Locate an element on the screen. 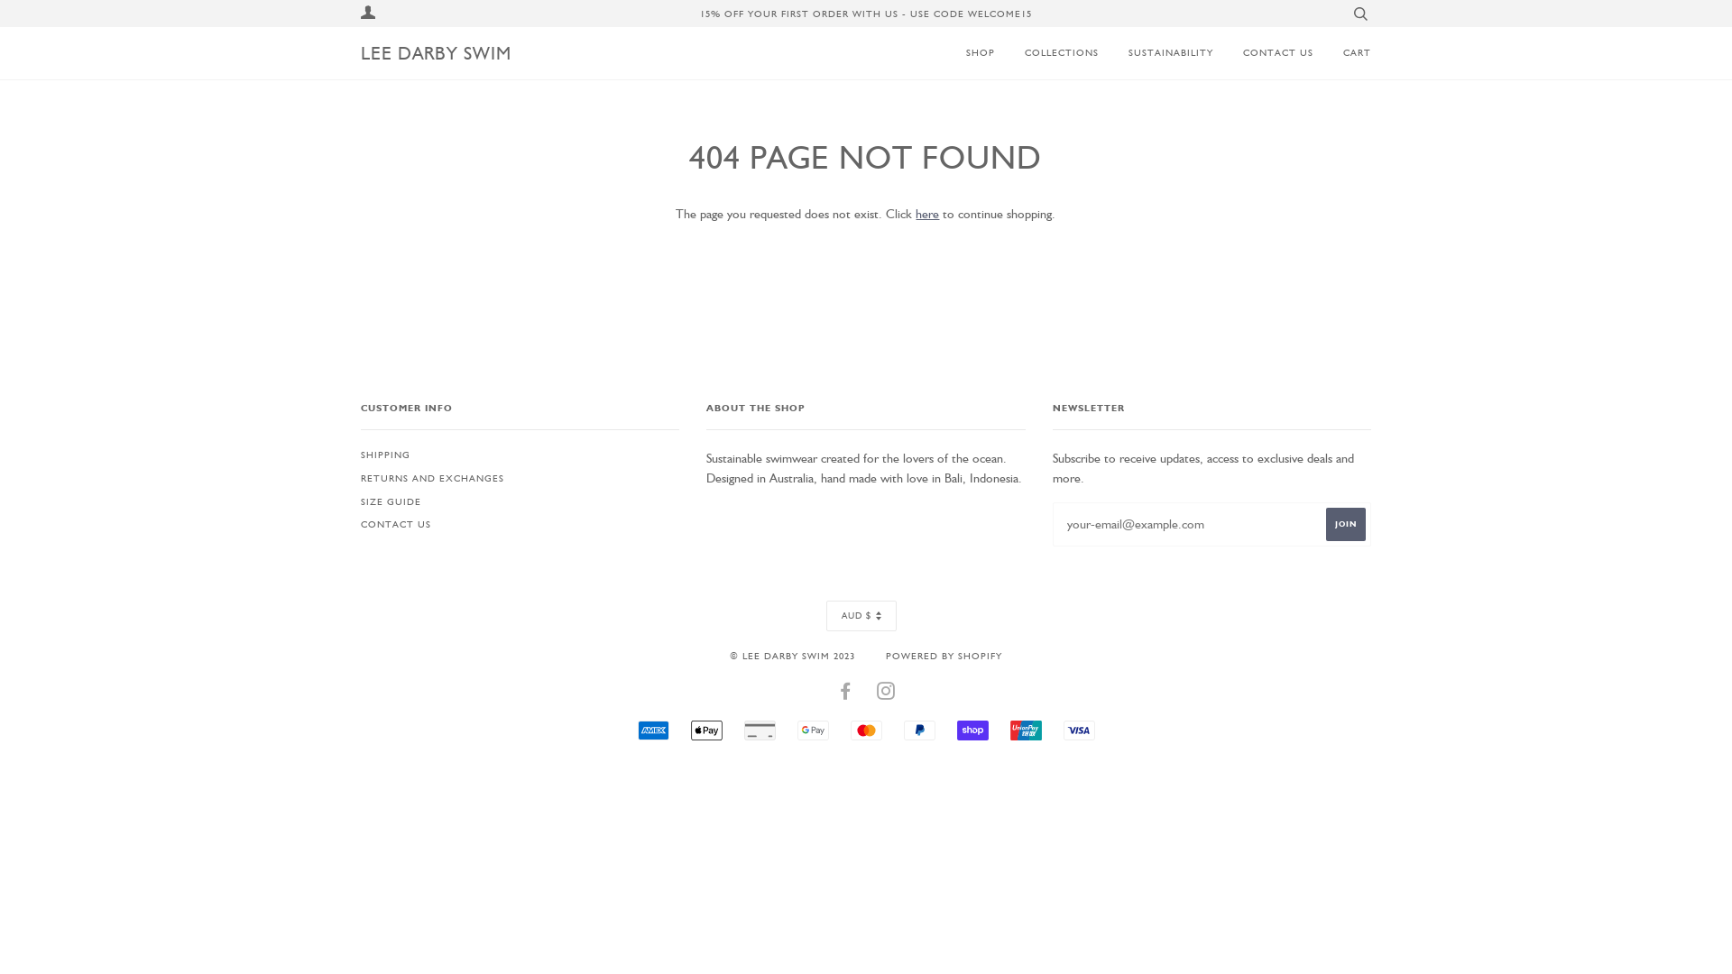 This screenshot has height=974, width=1732. 'Join' is located at coordinates (1346, 524).